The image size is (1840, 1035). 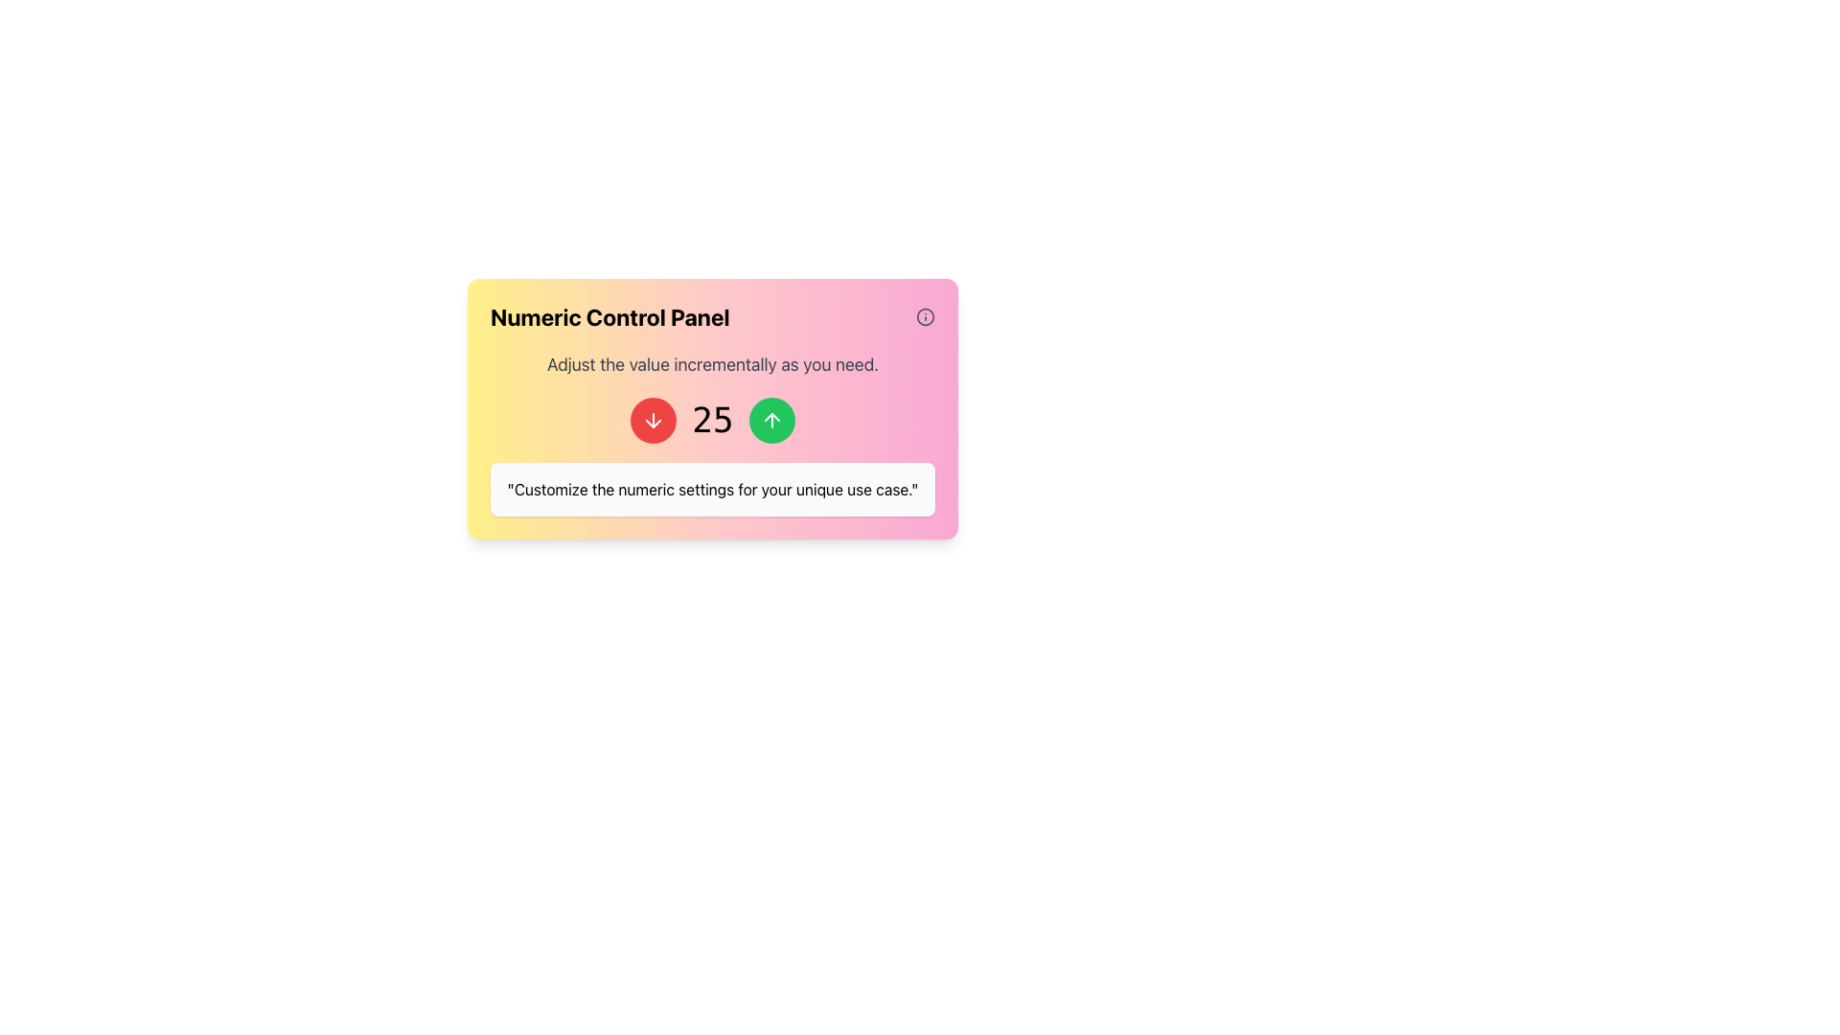 What do you see at coordinates (771, 420) in the screenshot?
I see `the green upward arrow button located at the far right of the numeric display '25' within the 'Numeric Control Panel' to increment the displayed number by one` at bounding box center [771, 420].